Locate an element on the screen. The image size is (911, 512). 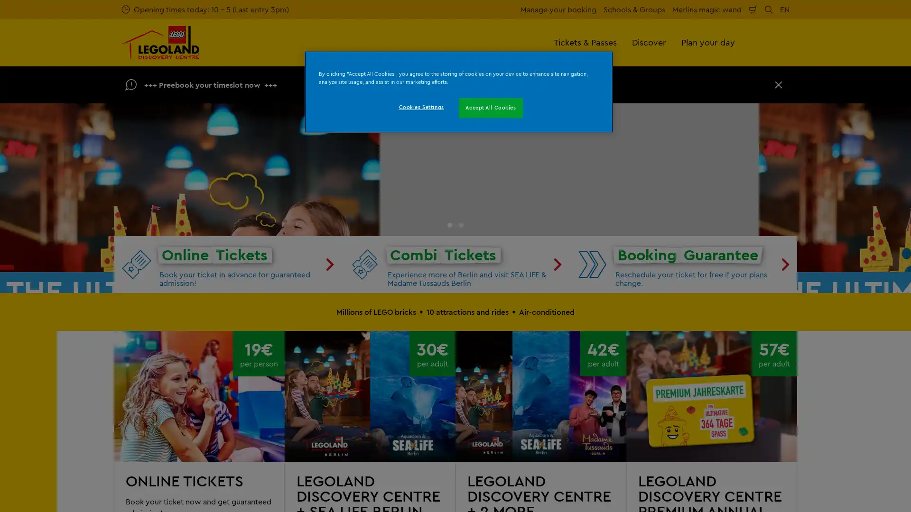
Discover is located at coordinates (649, 42).